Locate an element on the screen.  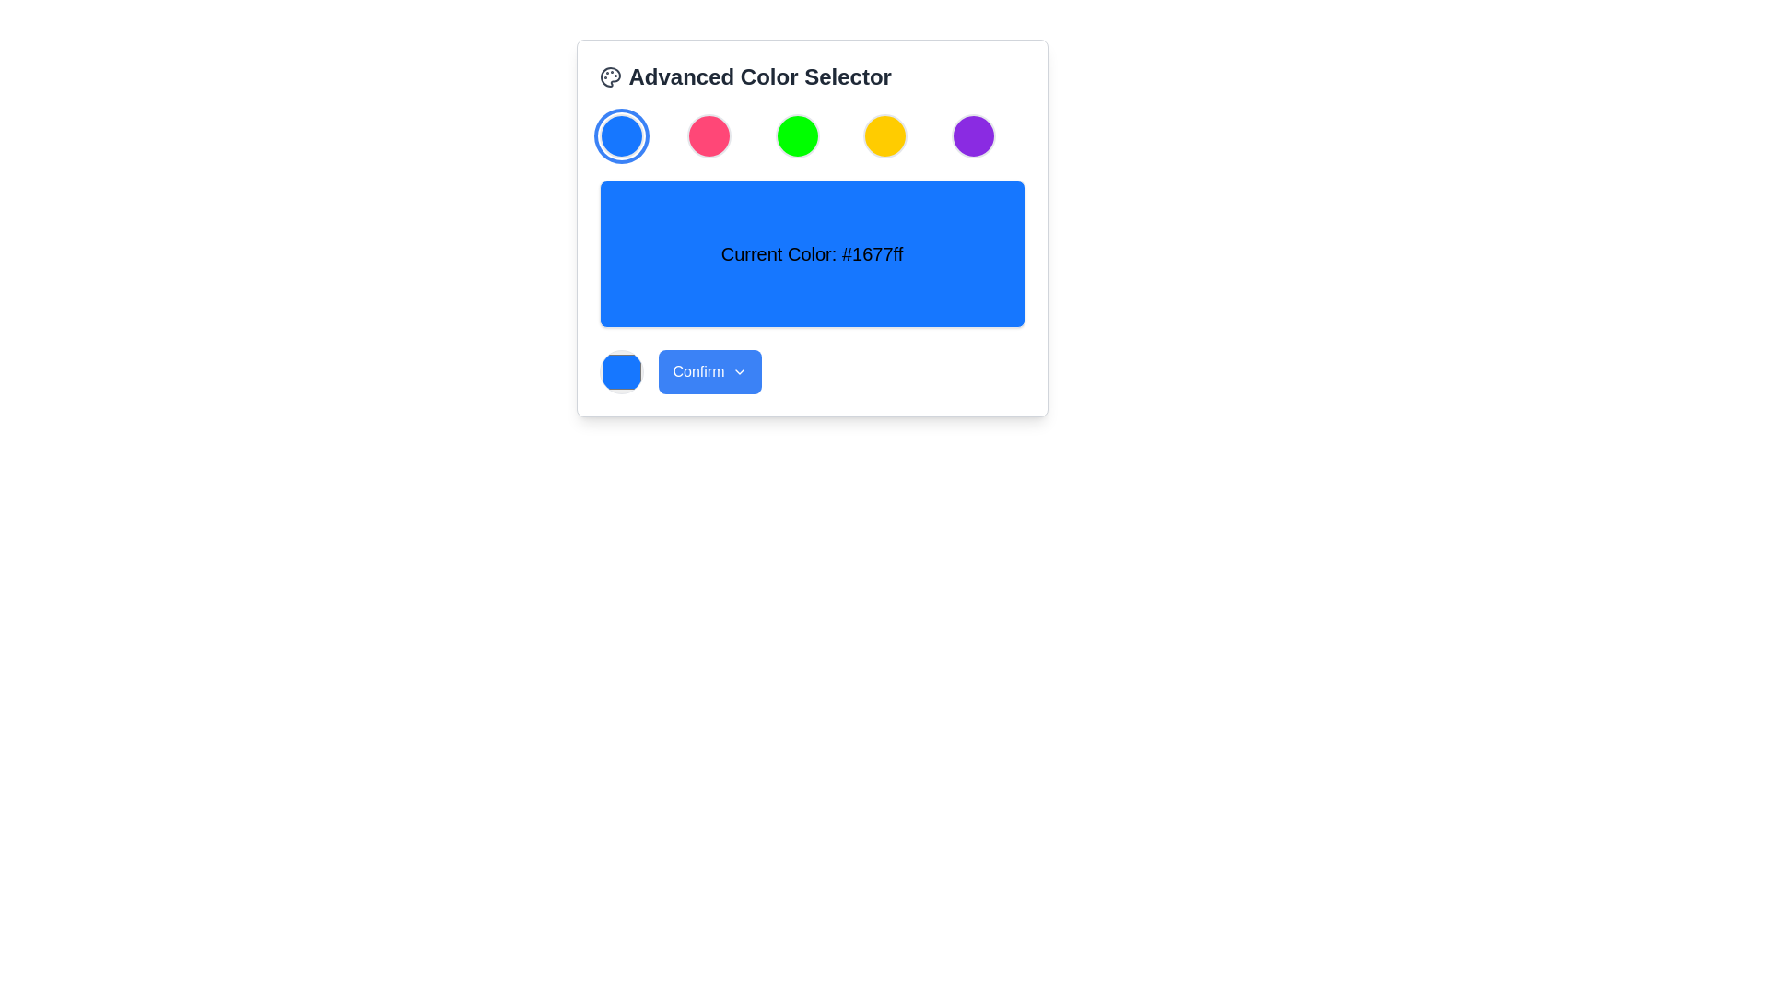
the second circular button in the Color Selector section is located at coordinates (709, 135).